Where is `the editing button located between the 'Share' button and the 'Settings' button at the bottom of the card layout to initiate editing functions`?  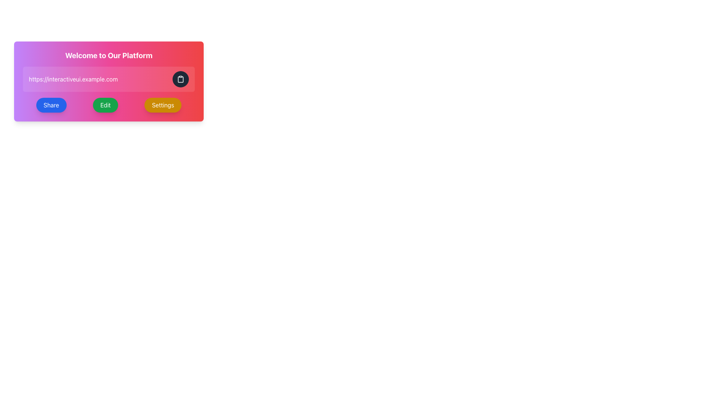 the editing button located between the 'Share' button and the 'Settings' button at the bottom of the card layout to initiate editing functions is located at coordinates (108, 105).